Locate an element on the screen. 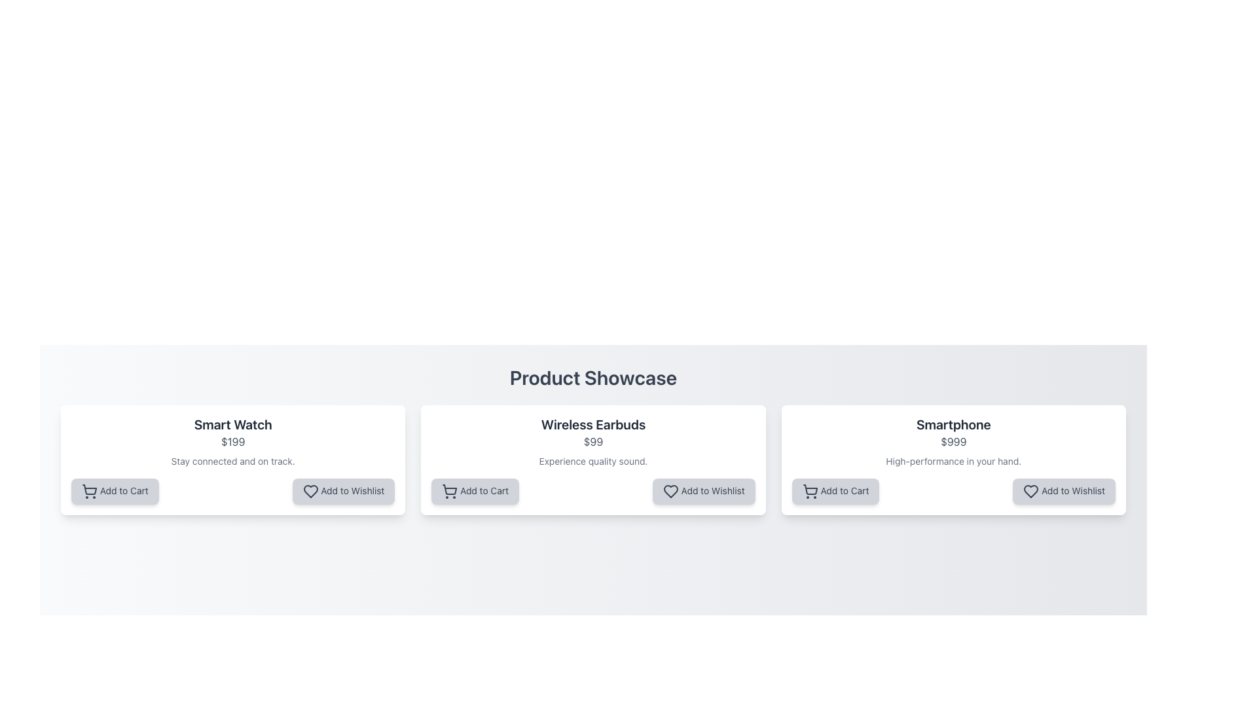 Image resolution: width=1257 pixels, height=707 pixels. the text label 'Smartphone', which is styled in a larger bold font and colored dark gray, positioned at the top of the rightmost product card is located at coordinates (953, 424).